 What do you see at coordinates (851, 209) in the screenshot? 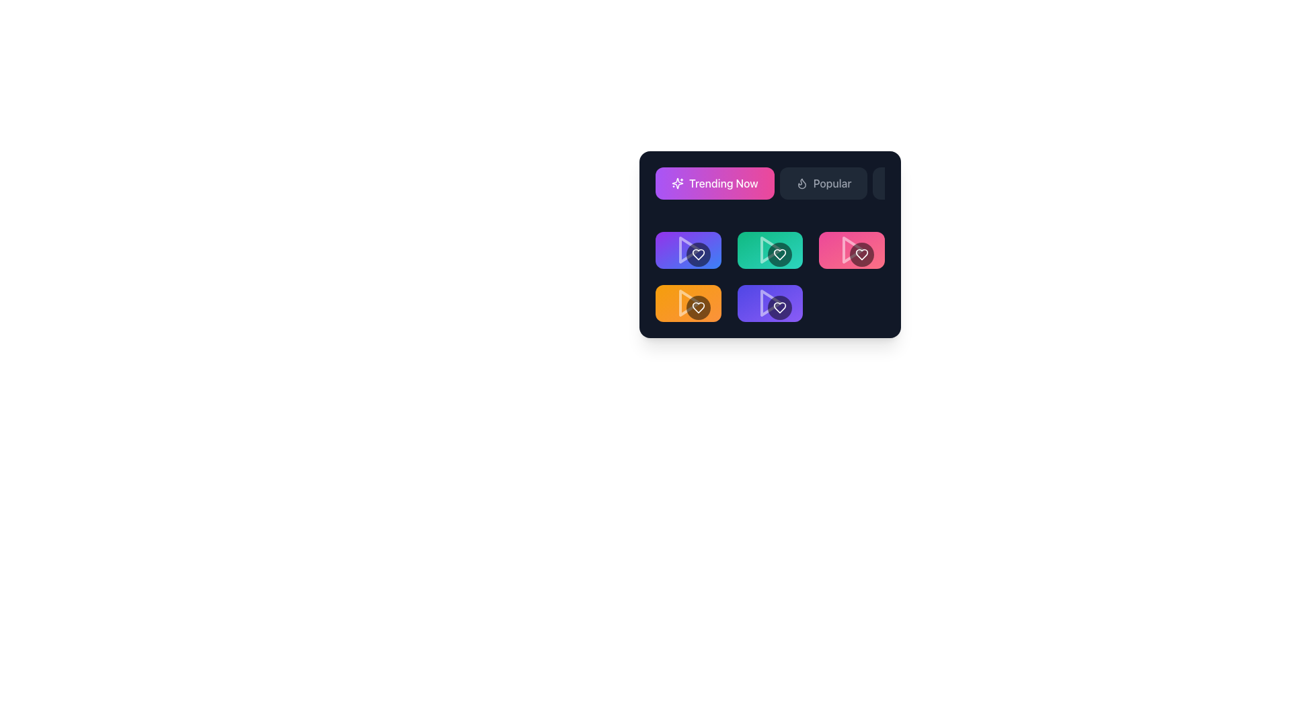
I see `the Structural Placeholder element located to the right of the 'Popular' tab within the tab section` at bounding box center [851, 209].